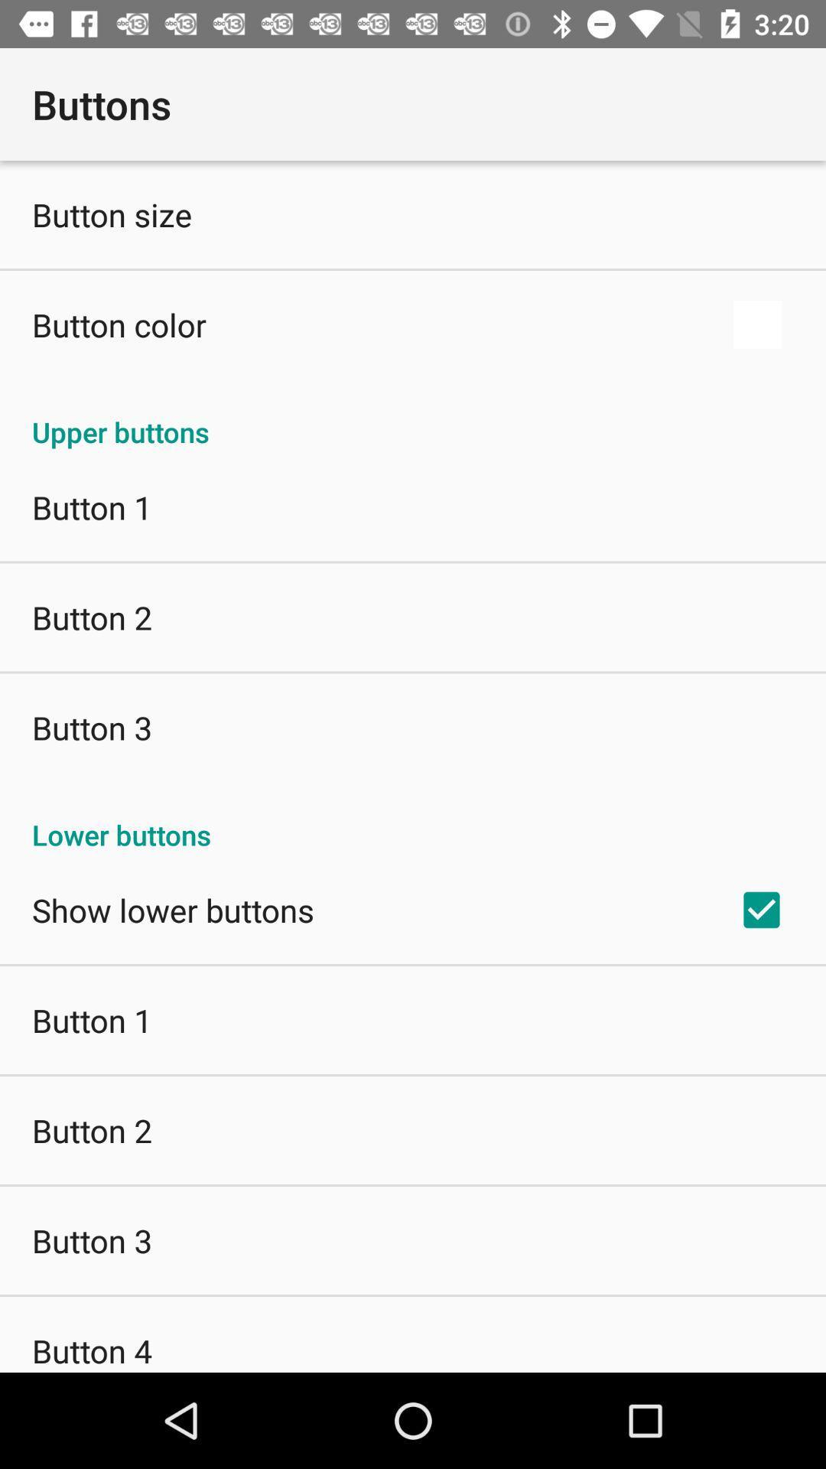  What do you see at coordinates (92, 1350) in the screenshot?
I see `button 4` at bounding box center [92, 1350].